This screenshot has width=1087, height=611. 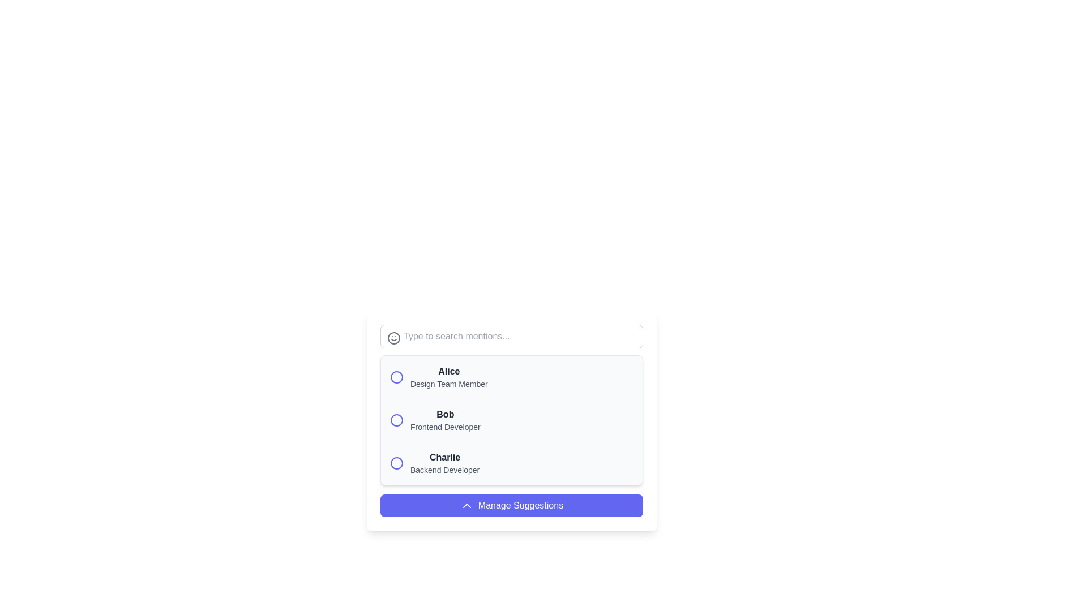 What do you see at coordinates (448, 383) in the screenshot?
I see `the text label that provides additional context about 'Alice', positioned below the primary label` at bounding box center [448, 383].